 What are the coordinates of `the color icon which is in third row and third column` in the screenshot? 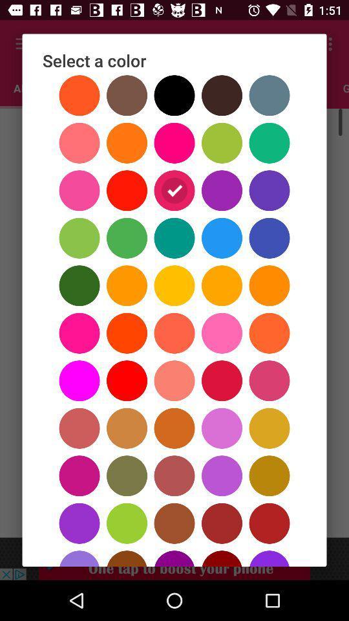 It's located at (23, 44).